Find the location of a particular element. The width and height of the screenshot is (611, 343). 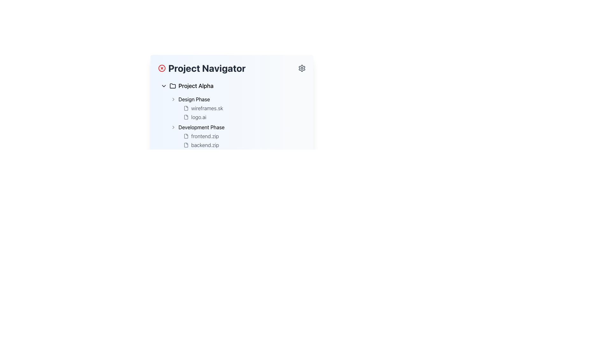

the chevron icon located to the left of the text 'Development Phase' is located at coordinates (173, 127).